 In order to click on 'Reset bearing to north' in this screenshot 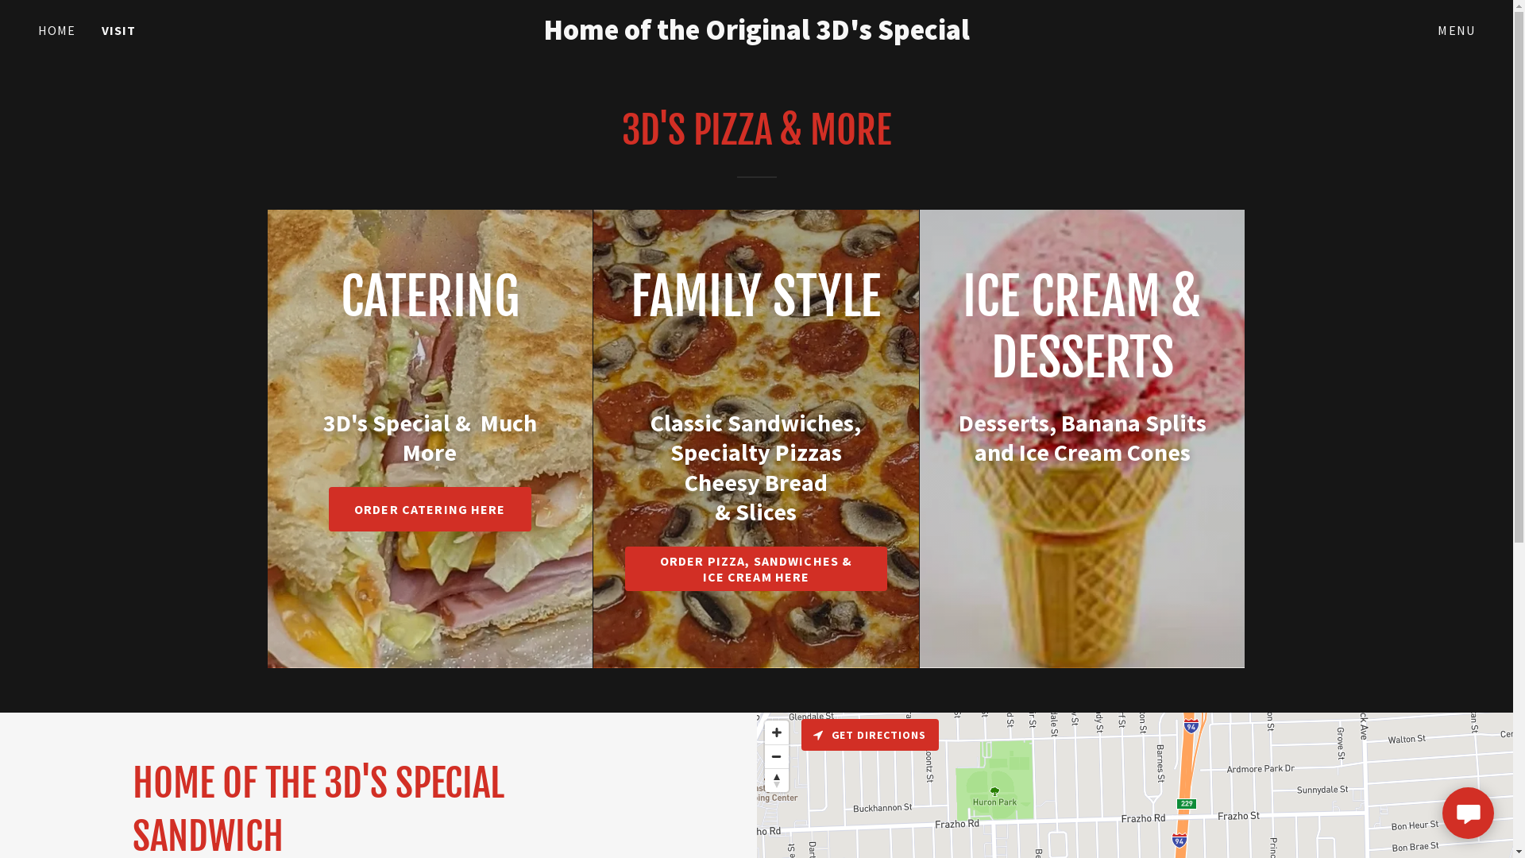, I will do `click(763, 779)`.